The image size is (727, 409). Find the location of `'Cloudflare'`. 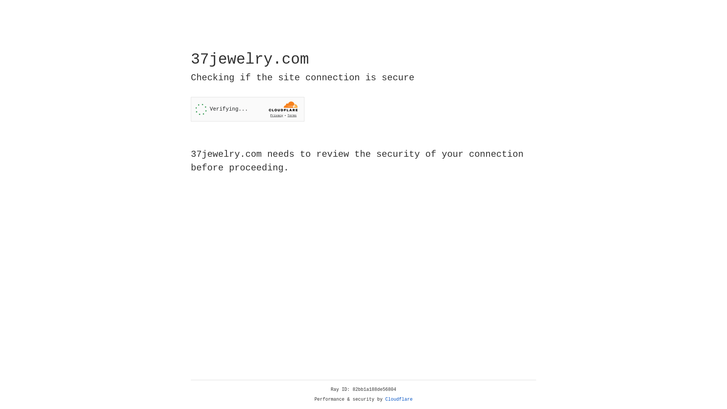

'Cloudflare' is located at coordinates (399, 399).